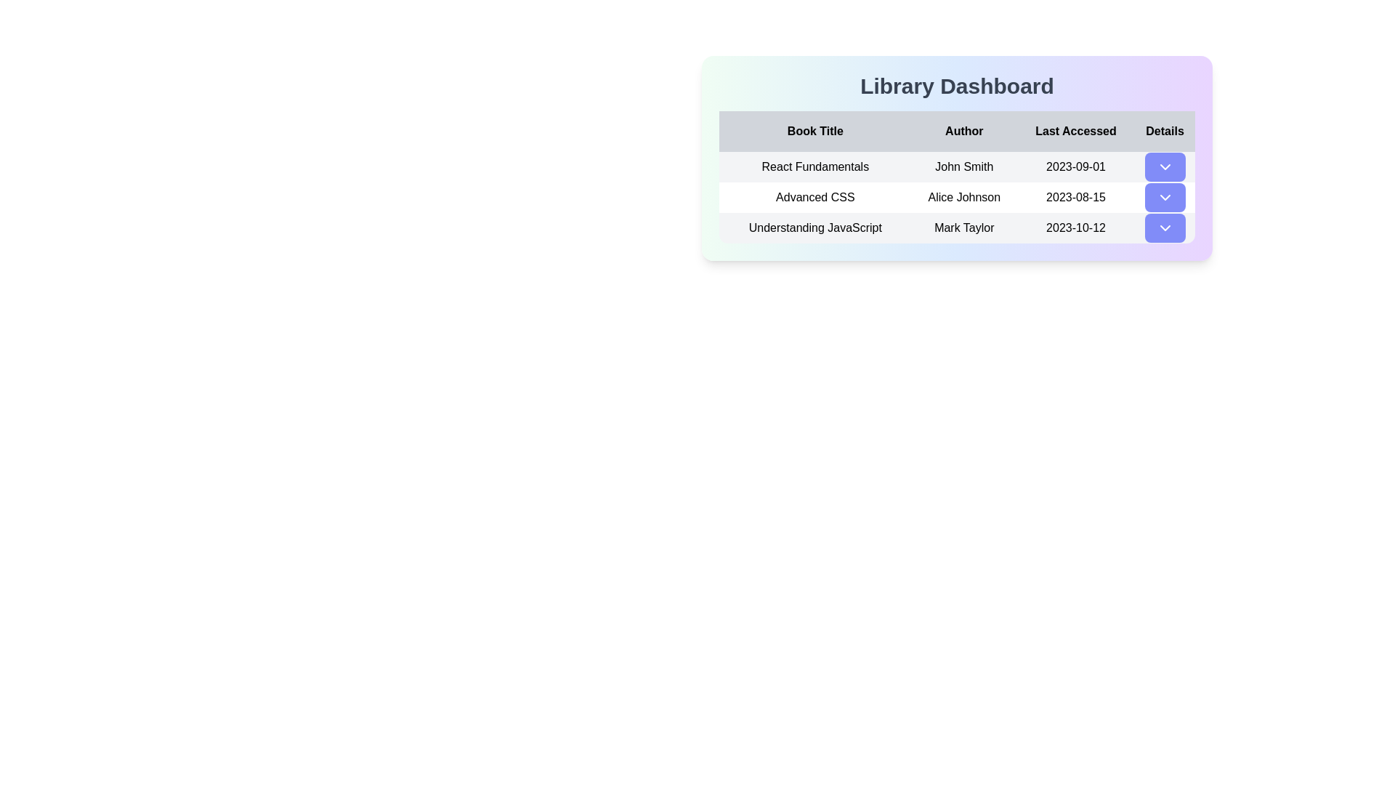  I want to click on the dropdown toggle button located in the Details column of the second row, associated with the book 'Advanced CSS' by Alice Johnson, so click(1165, 198).